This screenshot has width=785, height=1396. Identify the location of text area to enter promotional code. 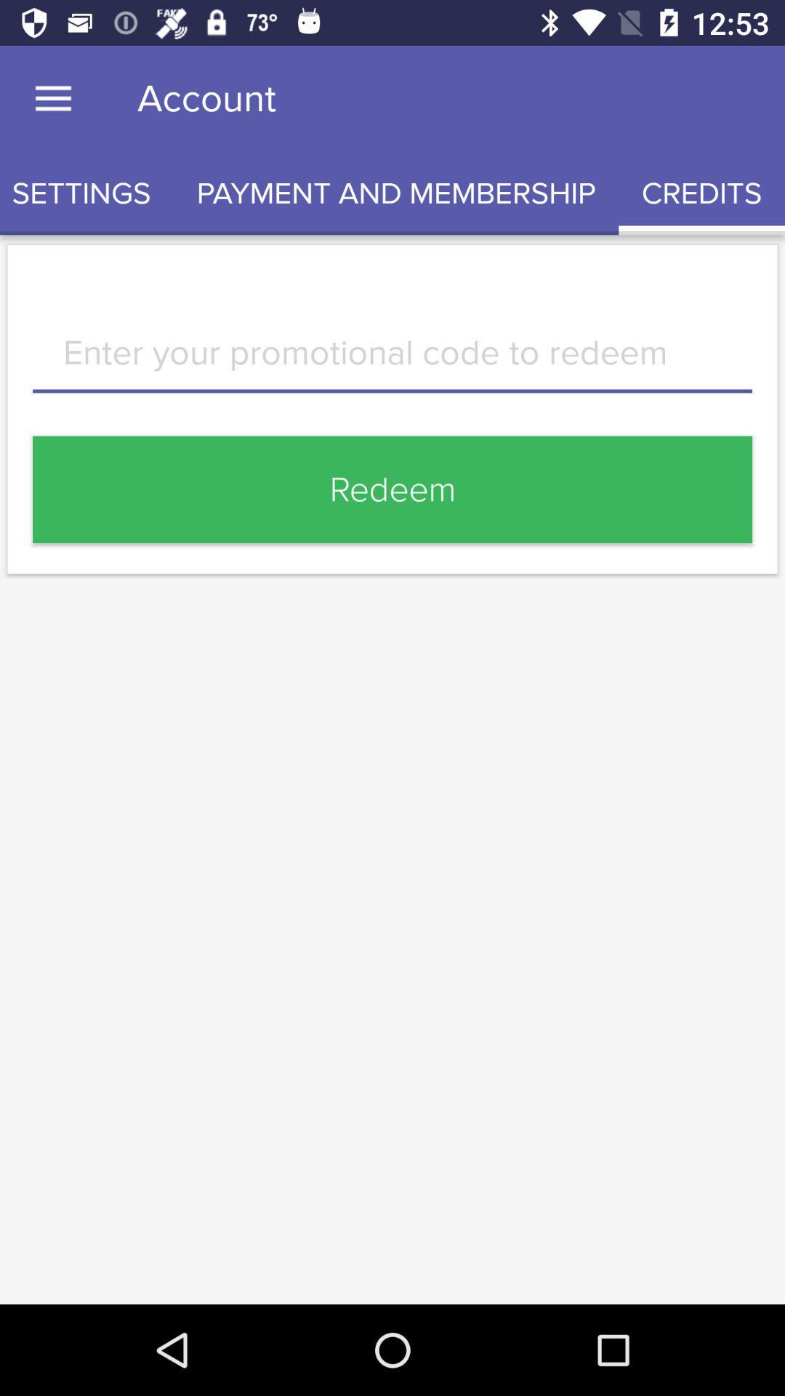
(392, 363).